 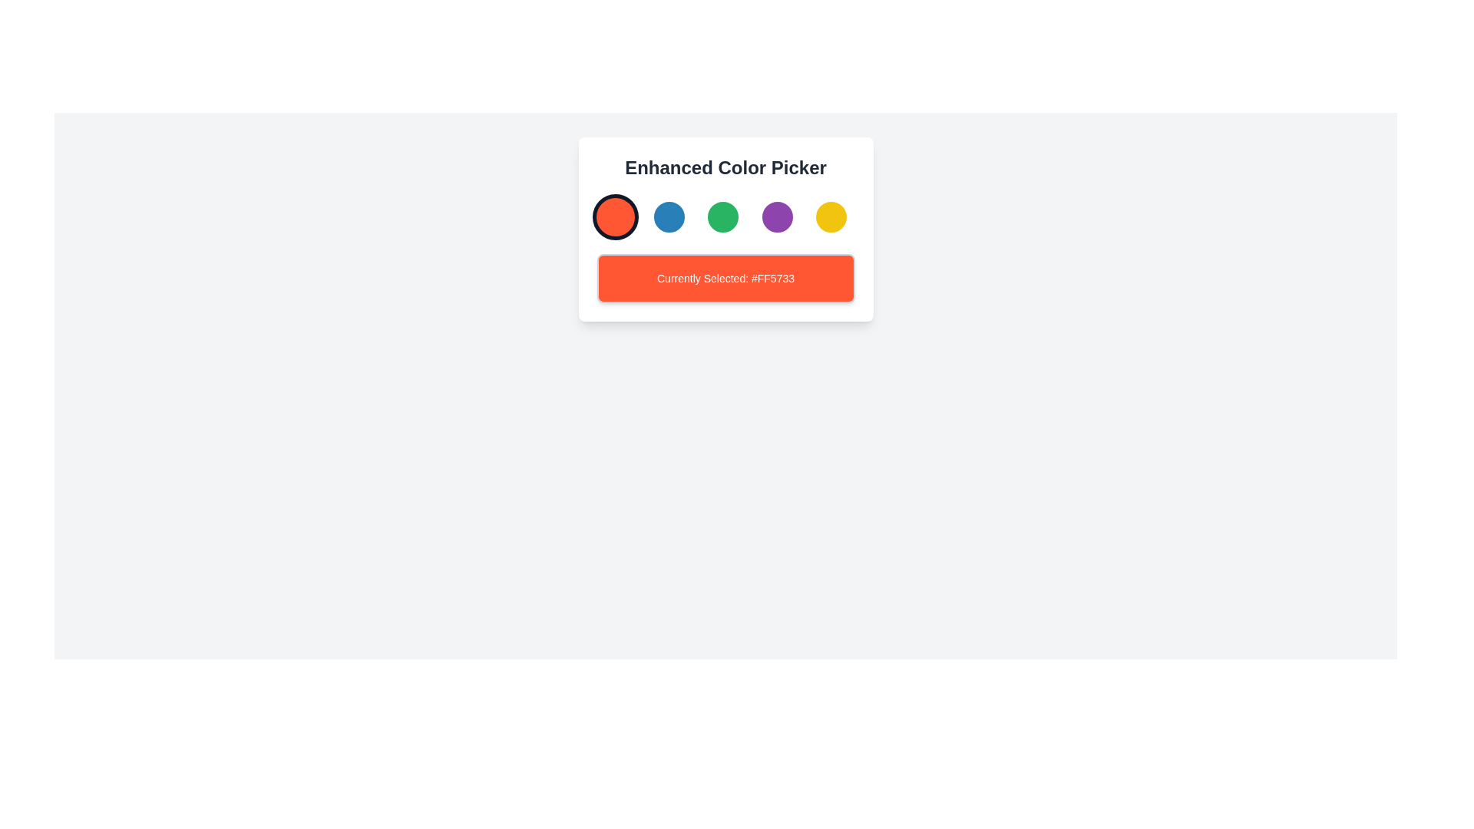 I want to click on the third circular button with a green fill color, so click(x=725, y=230).